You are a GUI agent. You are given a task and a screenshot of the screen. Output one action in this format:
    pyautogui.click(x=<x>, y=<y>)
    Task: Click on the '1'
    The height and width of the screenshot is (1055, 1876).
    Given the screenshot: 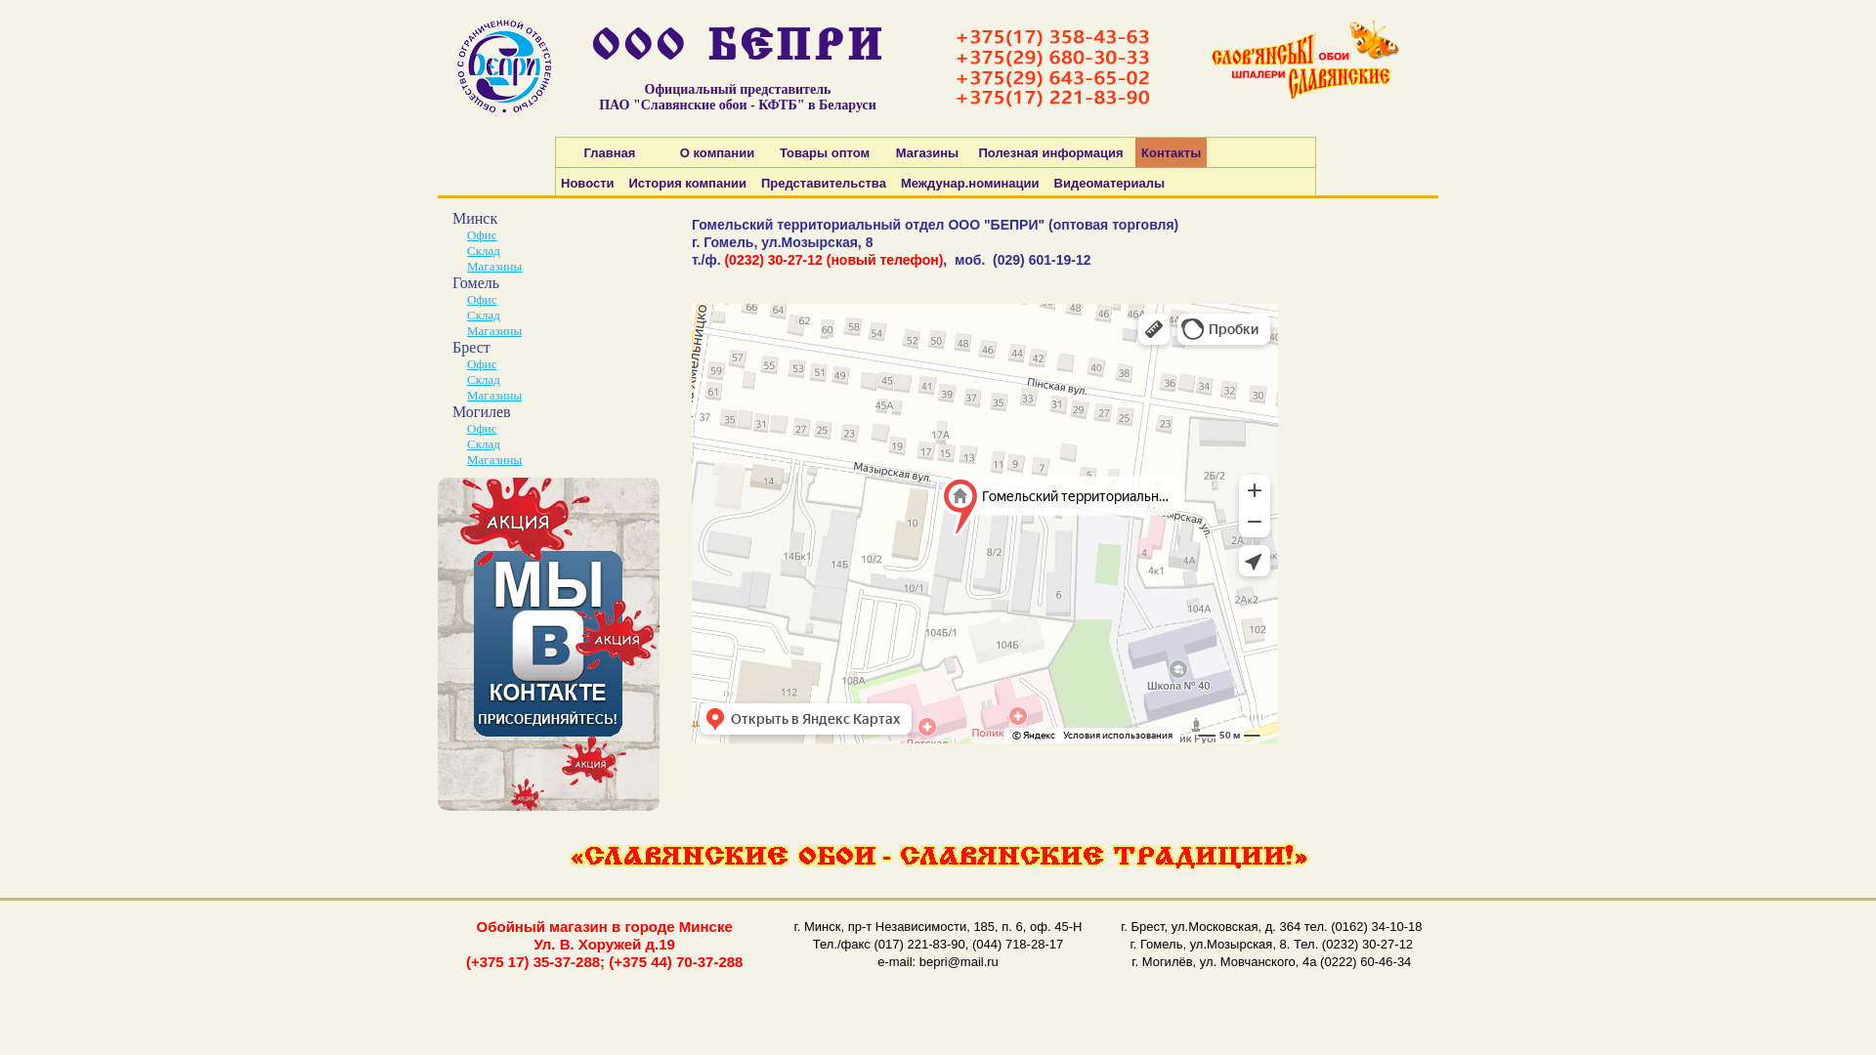 What is the action you would take?
    pyautogui.click(x=436, y=644)
    